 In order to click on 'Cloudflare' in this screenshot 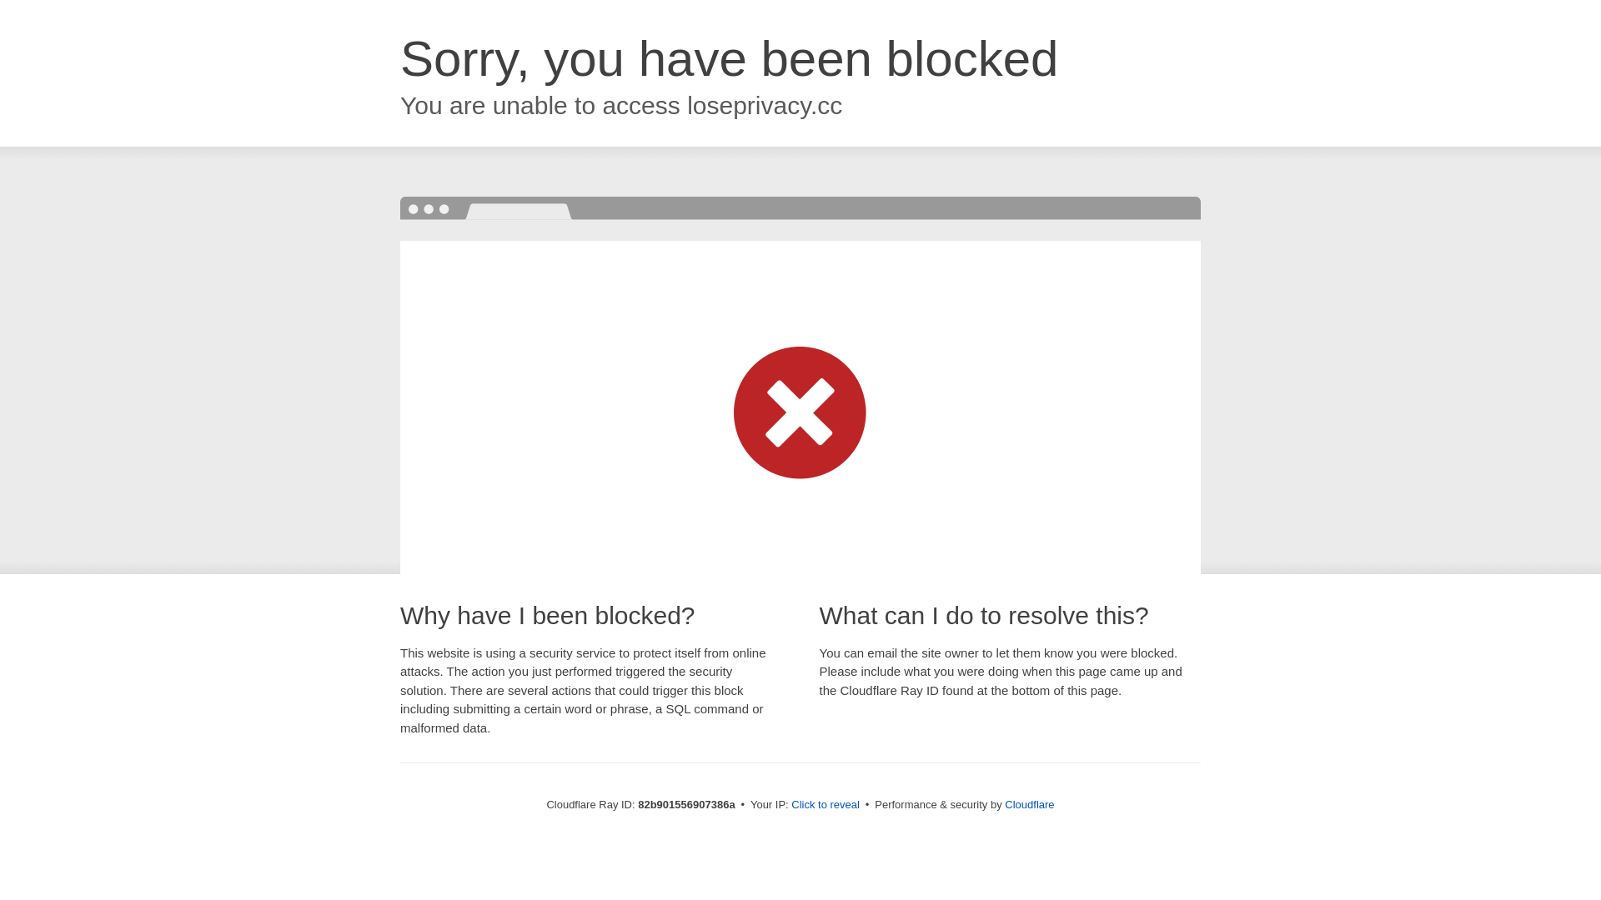, I will do `click(1003, 803)`.